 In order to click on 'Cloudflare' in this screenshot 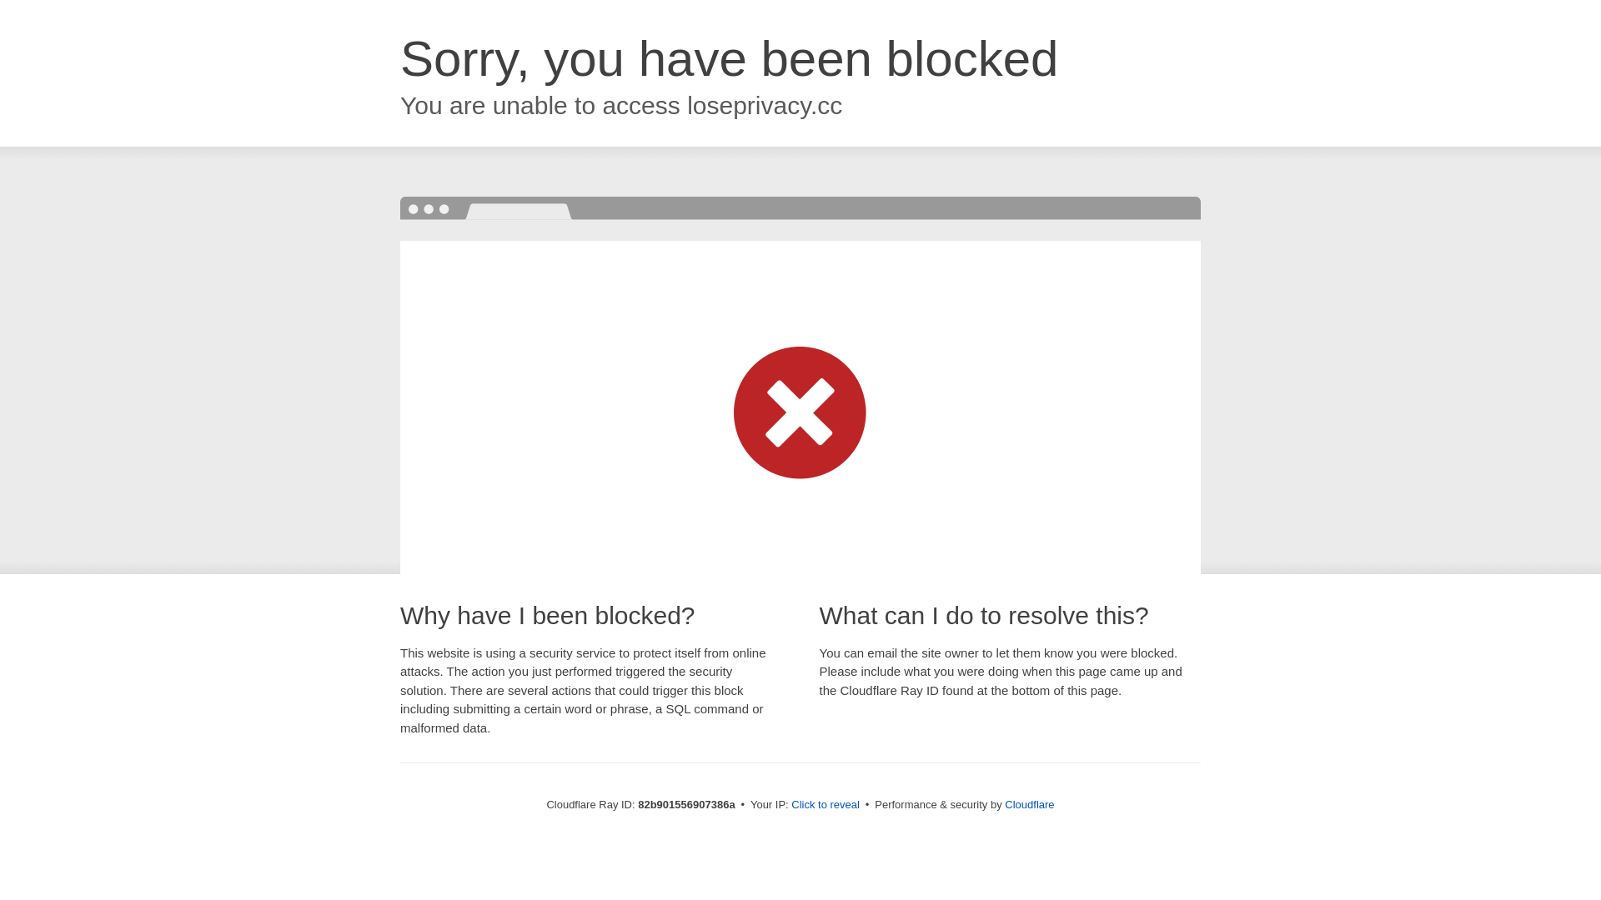, I will do `click(1003, 803)`.